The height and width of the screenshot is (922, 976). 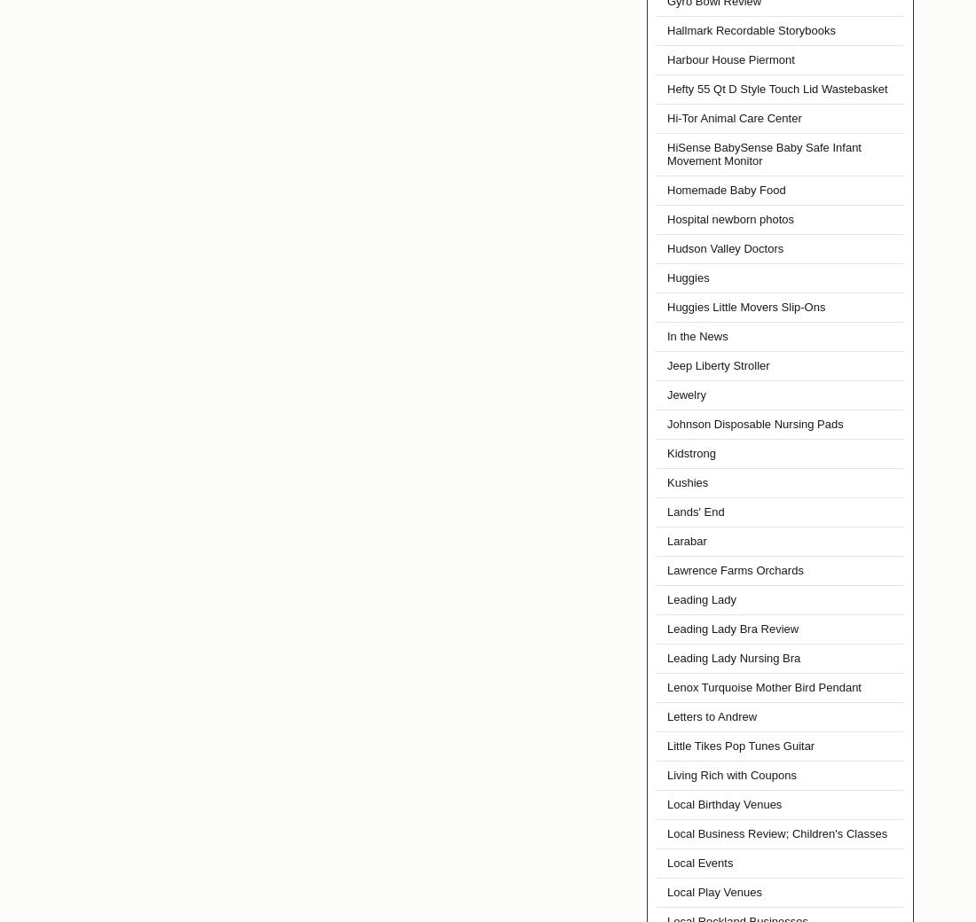 What do you see at coordinates (762, 687) in the screenshot?
I see `'Lenox Turquoise Mother Bird Pendant'` at bounding box center [762, 687].